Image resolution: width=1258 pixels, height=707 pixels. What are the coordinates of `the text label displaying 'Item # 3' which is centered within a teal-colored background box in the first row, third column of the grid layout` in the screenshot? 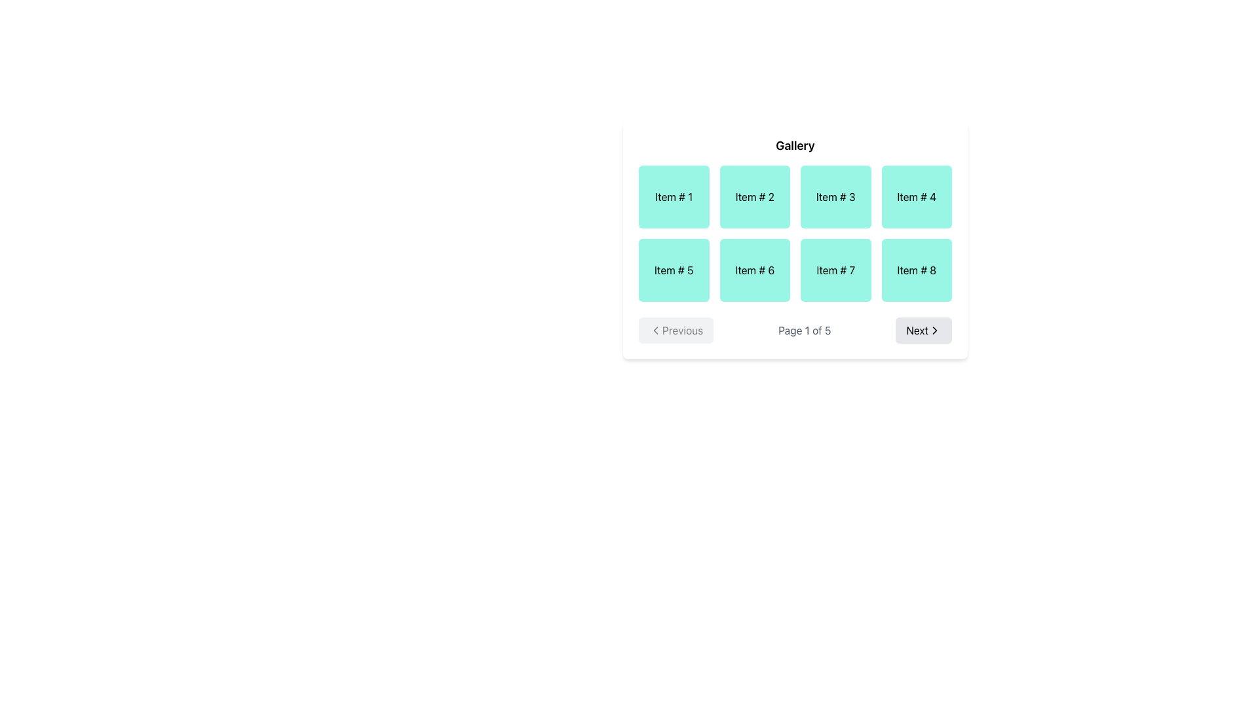 It's located at (835, 196).